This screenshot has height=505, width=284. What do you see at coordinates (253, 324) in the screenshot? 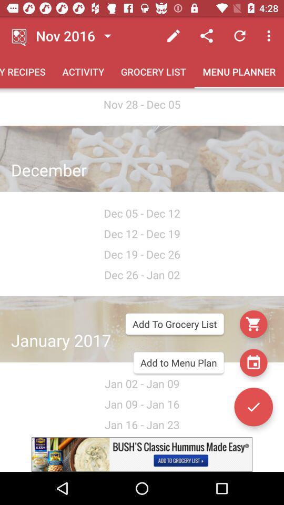
I see `grocery list option` at bounding box center [253, 324].